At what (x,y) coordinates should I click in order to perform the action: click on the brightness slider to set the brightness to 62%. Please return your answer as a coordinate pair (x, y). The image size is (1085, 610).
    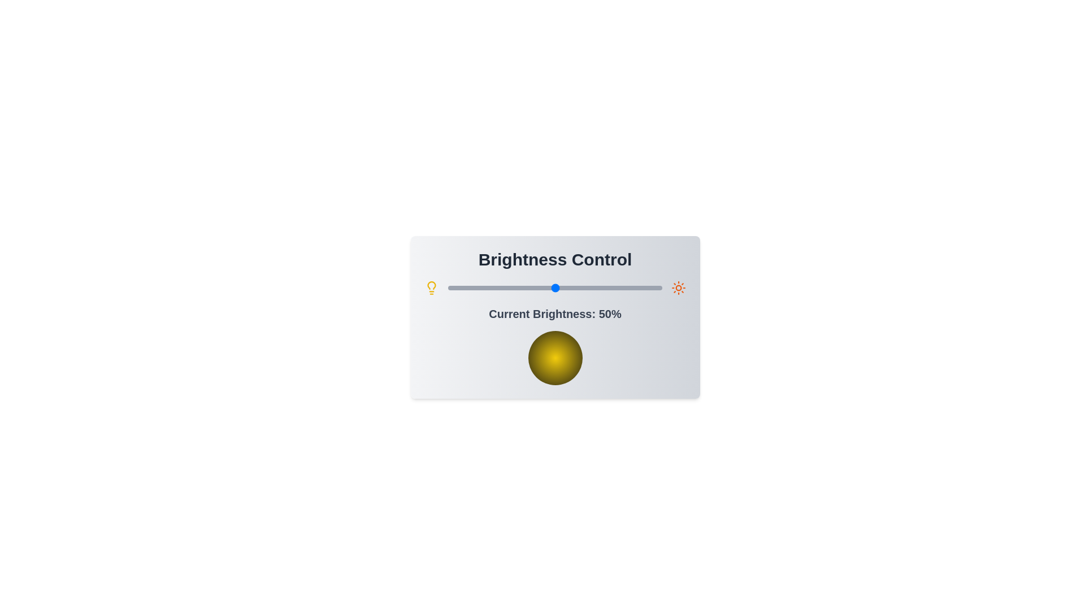
    Looking at the image, I should click on (580, 287).